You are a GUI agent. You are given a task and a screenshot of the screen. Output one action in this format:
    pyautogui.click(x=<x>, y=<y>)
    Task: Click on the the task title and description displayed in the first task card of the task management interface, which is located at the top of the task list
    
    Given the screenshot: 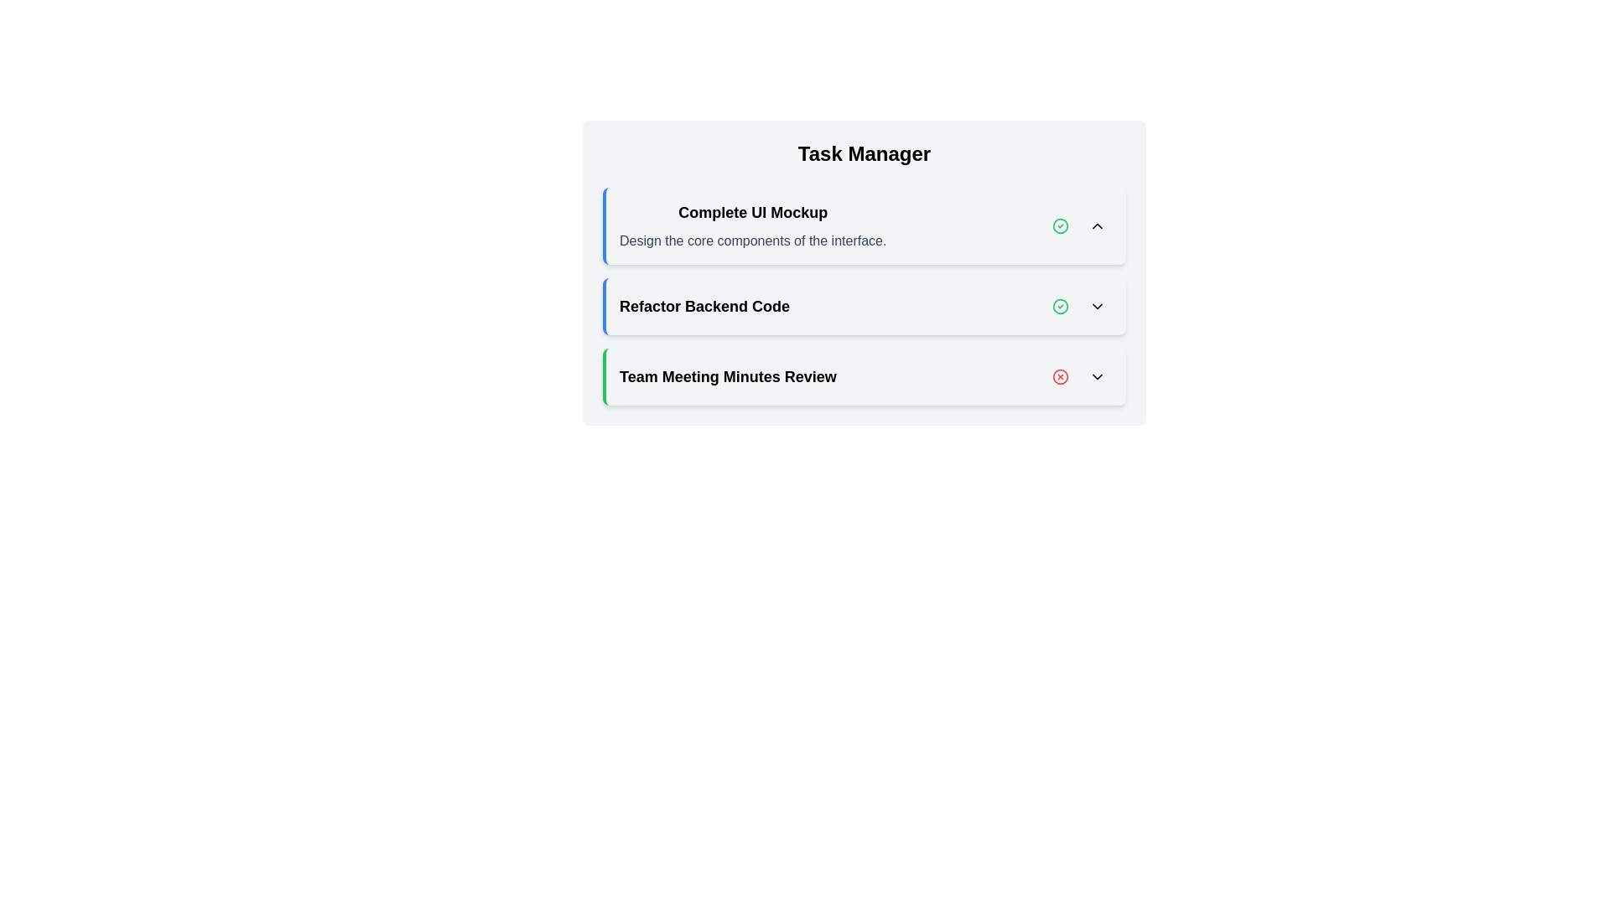 What is the action you would take?
    pyautogui.click(x=865, y=226)
    